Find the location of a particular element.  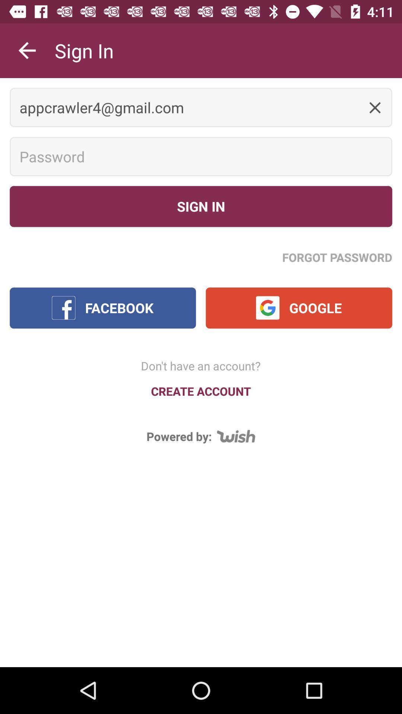

the forgot password icon is located at coordinates (337, 257).